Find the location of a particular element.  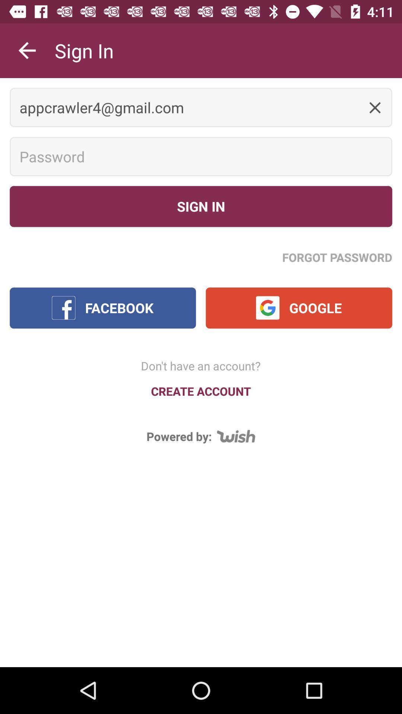

the forgot password icon is located at coordinates (337, 257).